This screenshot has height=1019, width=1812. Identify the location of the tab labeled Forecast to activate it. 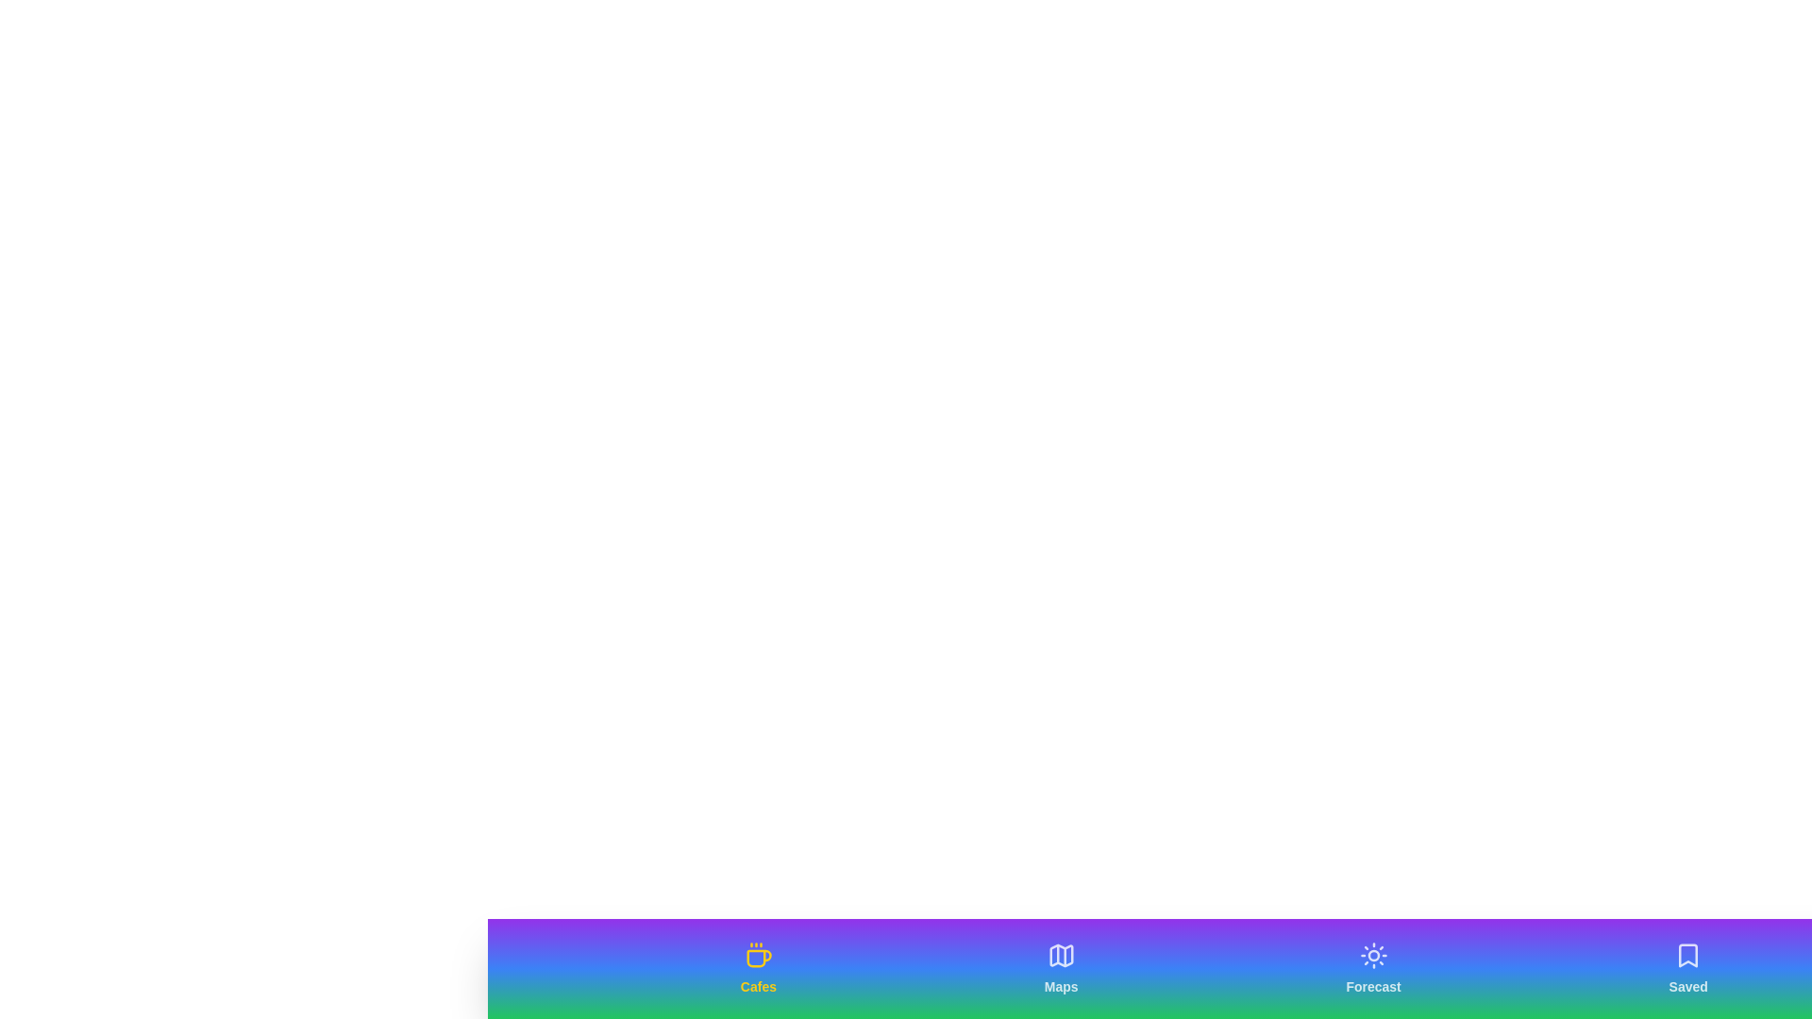
(1373, 968).